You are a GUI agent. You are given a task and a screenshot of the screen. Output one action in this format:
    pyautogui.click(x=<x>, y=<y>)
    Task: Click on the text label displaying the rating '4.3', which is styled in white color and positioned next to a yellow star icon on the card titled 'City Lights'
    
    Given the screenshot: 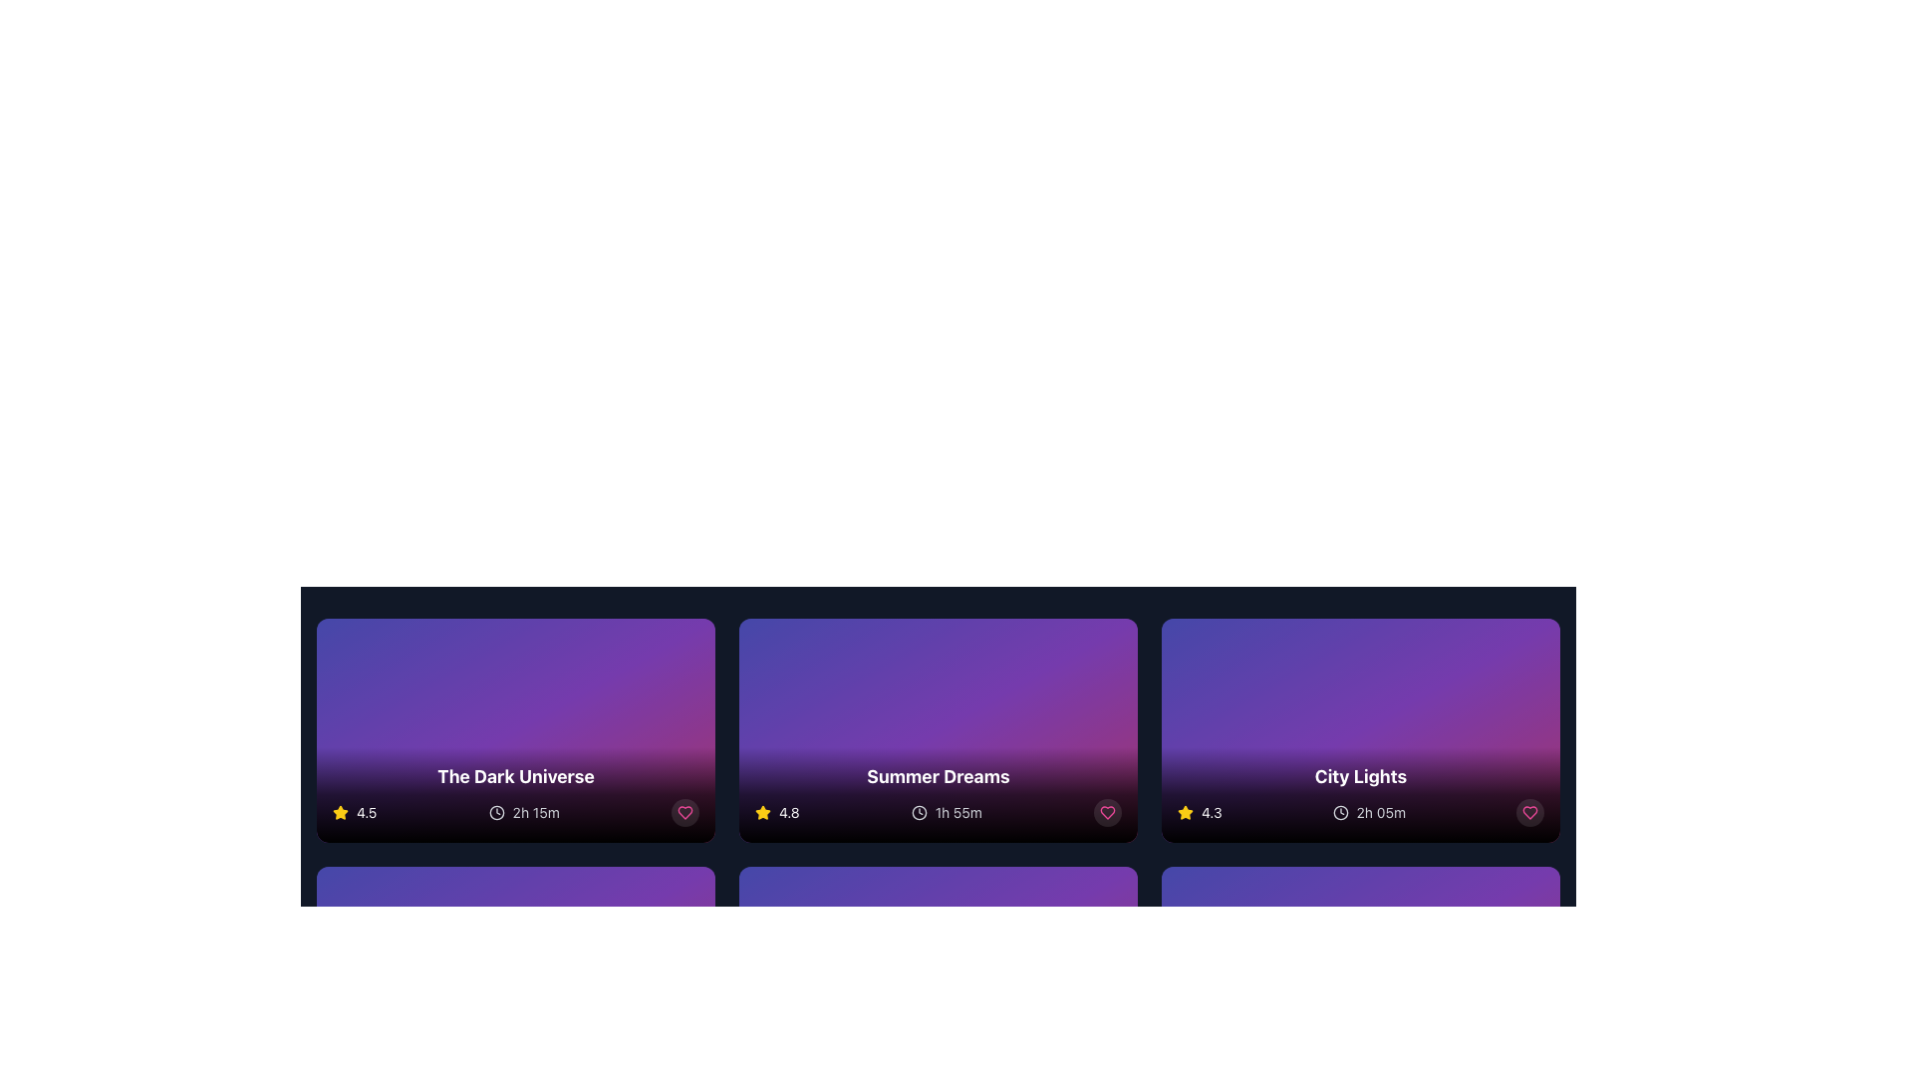 What is the action you would take?
    pyautogui.click(x=1211, y=813)
    